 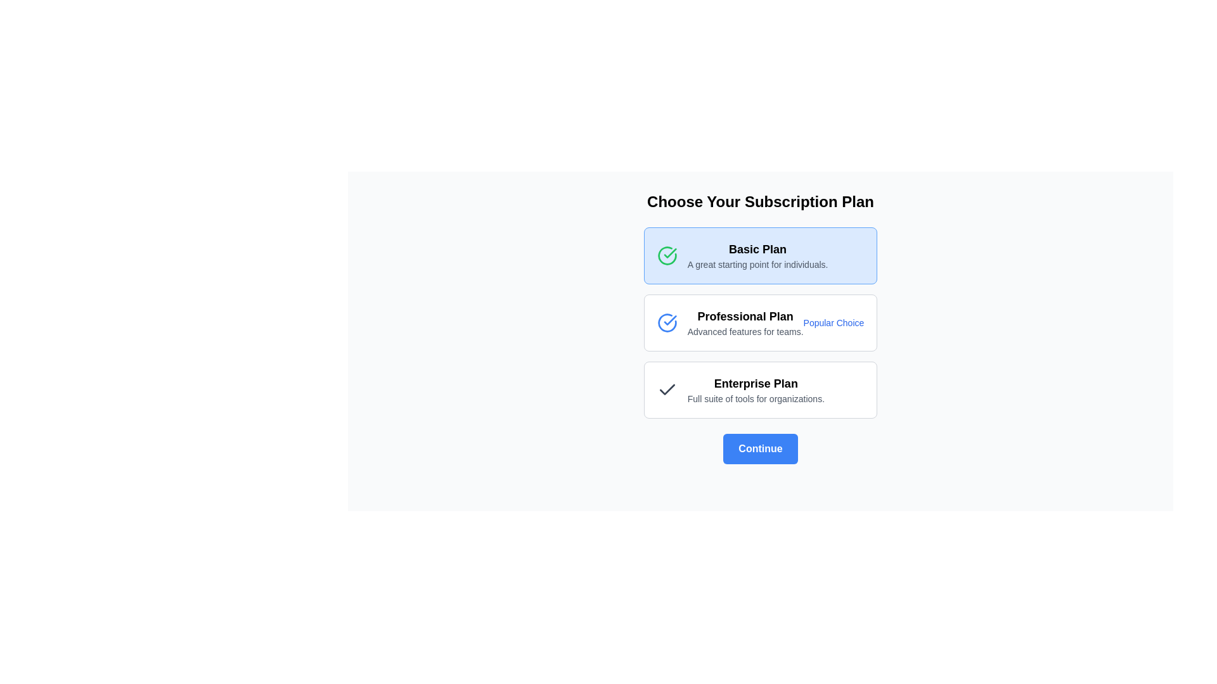 What do you see at coordinates (757, 249) in the screenshot?
I see `the text label indicating the 'Basic Plan' subscription option, which is positioned at the top-left of the subscription options group` at bounding box center [757, 249].